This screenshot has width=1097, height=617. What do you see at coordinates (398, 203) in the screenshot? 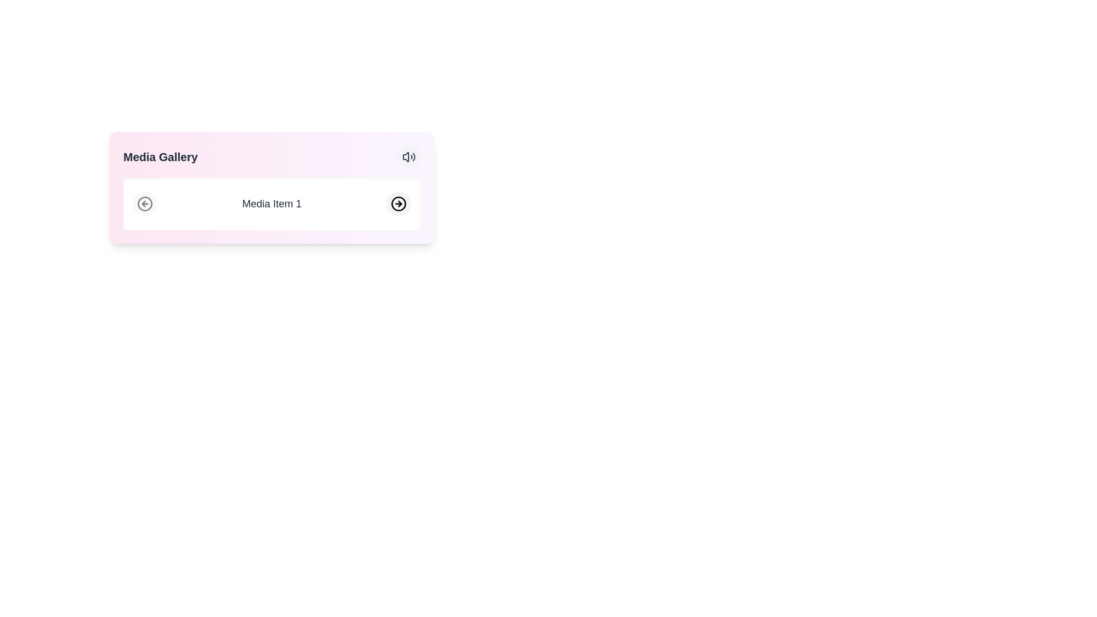
I see `the circular button with a right-pointing arrow icon` at bounding box center [398, 203].